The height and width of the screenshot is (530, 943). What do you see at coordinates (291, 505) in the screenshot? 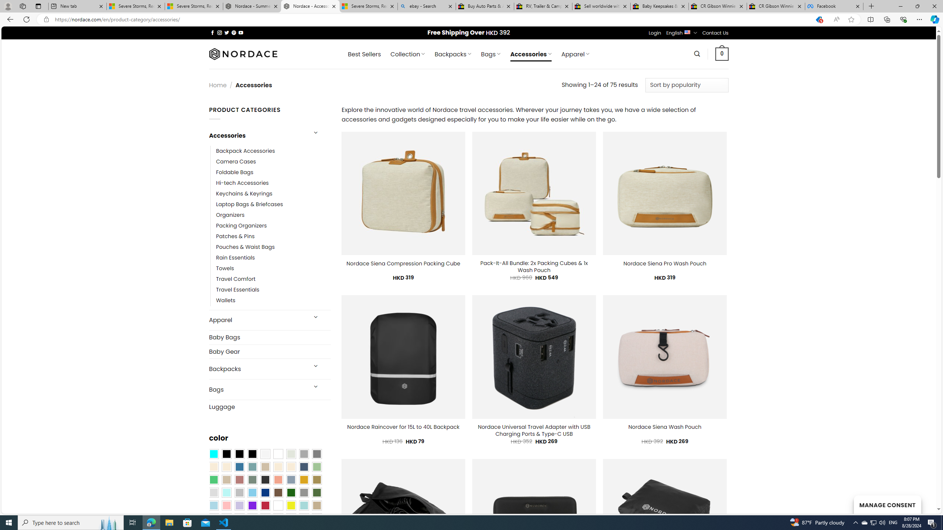
I see `'Yellow'` at bounding box center [291, 505].